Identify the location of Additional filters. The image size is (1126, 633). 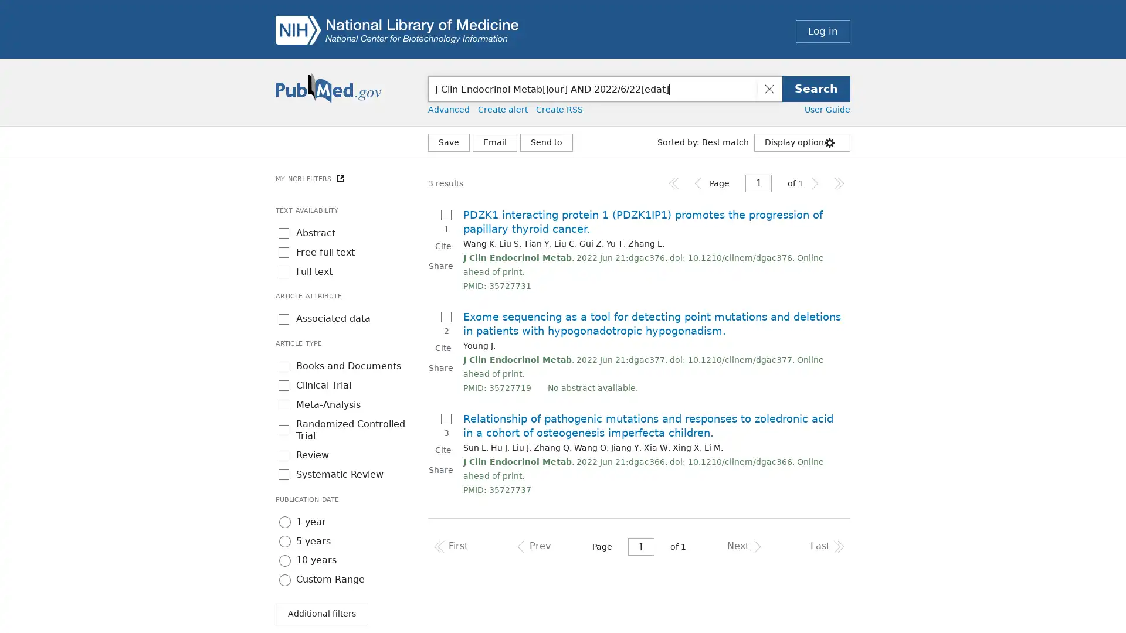
(321, 612).